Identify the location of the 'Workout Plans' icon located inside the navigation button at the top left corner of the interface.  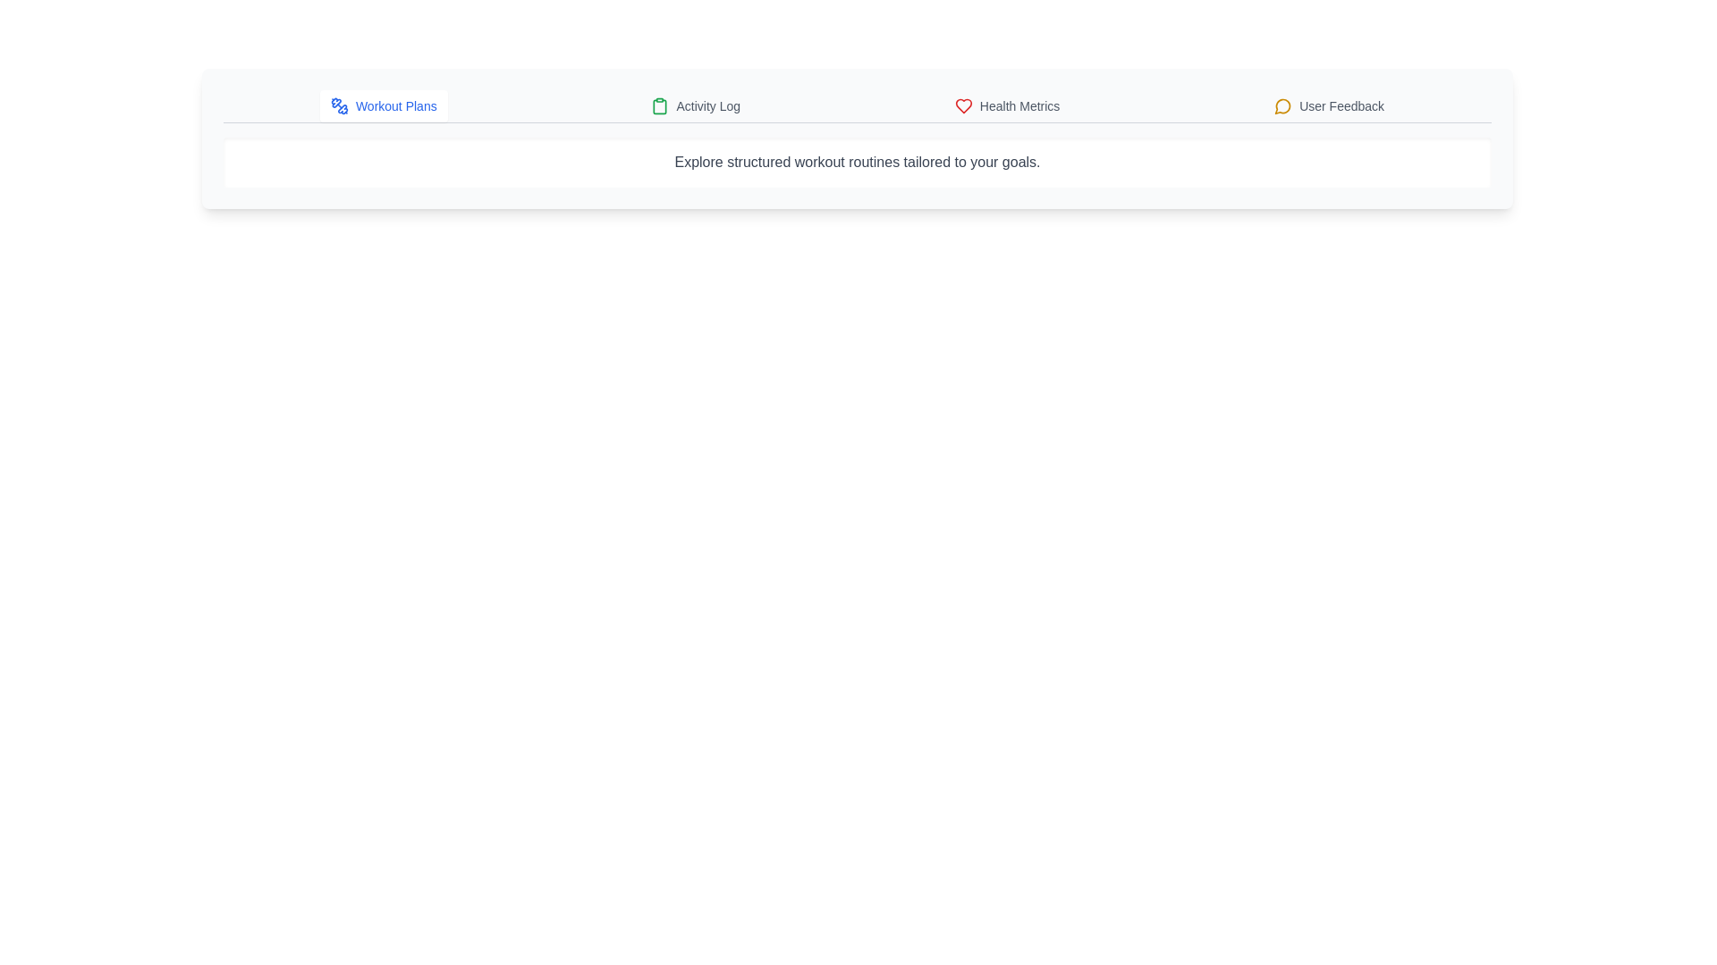
(339, 106).